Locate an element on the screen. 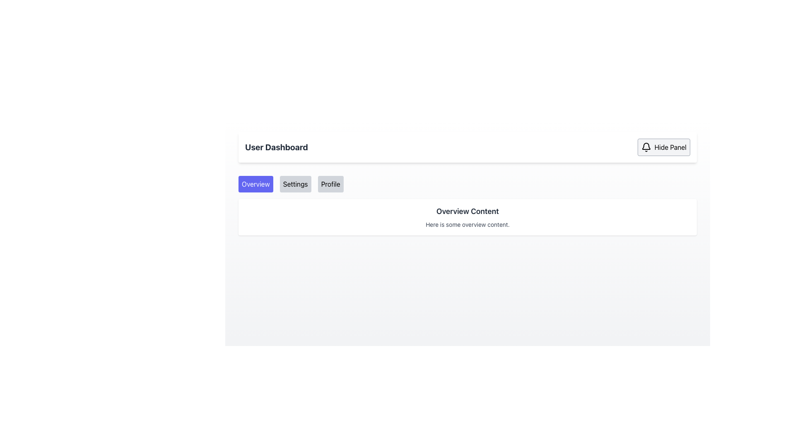 This screenshot has height=447, width=795. the 'Overview' button in the navigation menu for keyboard interaction is located at coordinates (255, 183).